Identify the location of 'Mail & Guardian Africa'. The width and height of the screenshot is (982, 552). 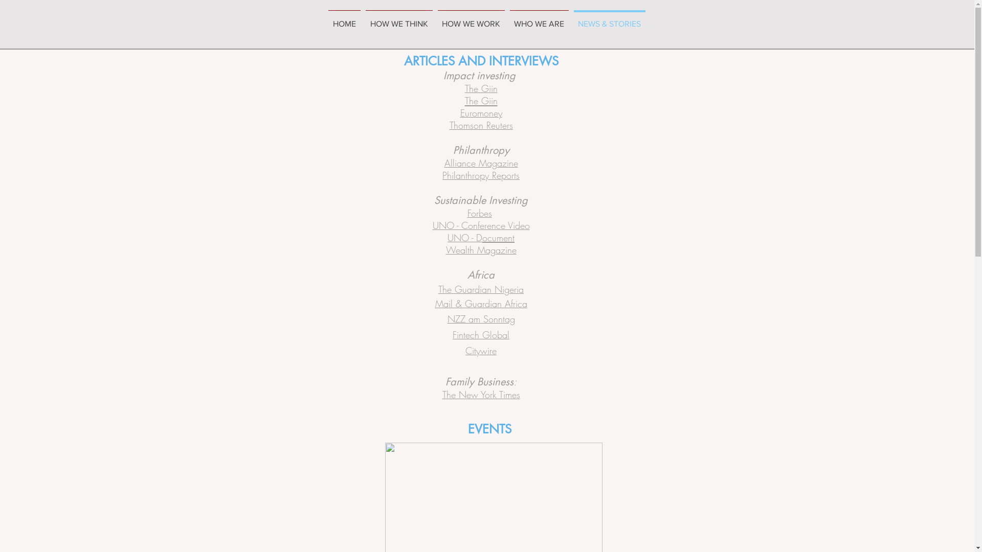
(480, 303).